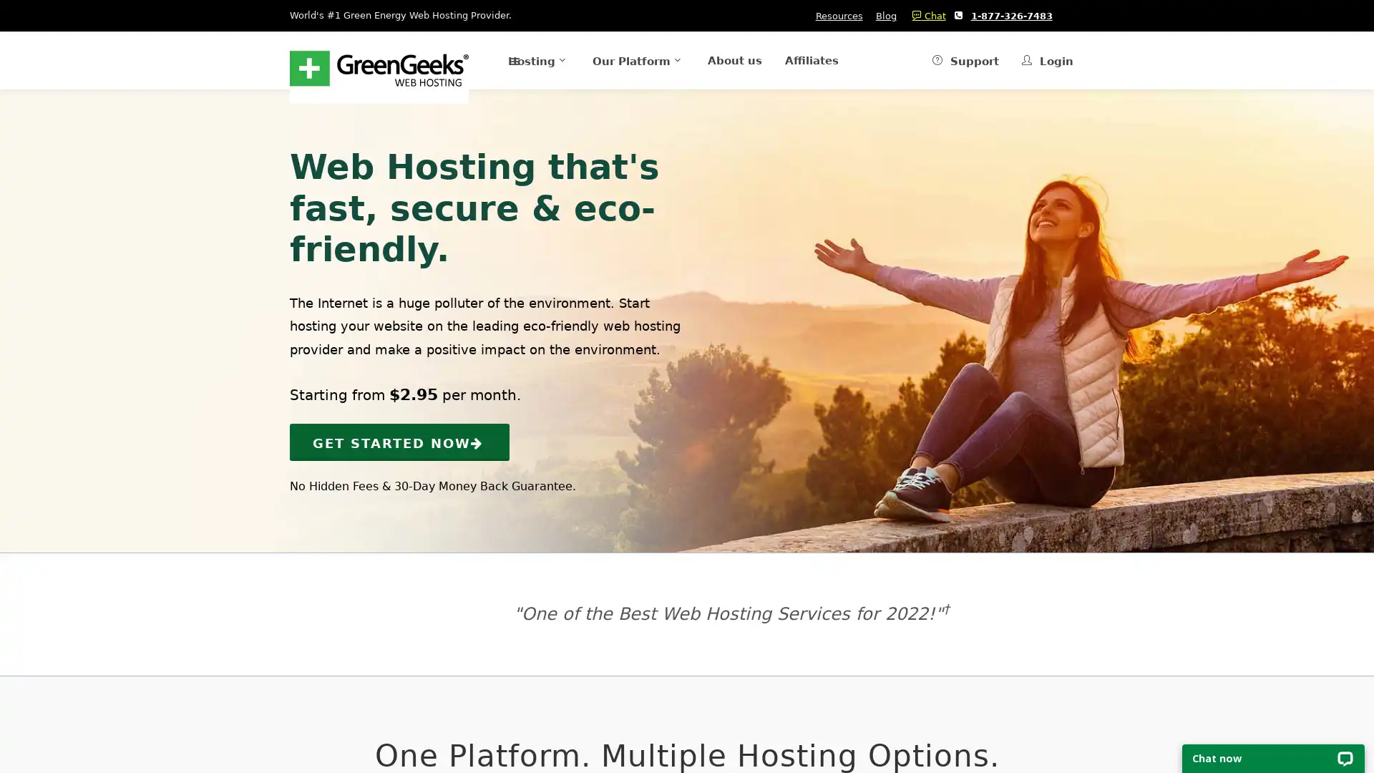 This screenshot has height=773, width=1374. I want to click on Get Started Now, so click(399, 441).